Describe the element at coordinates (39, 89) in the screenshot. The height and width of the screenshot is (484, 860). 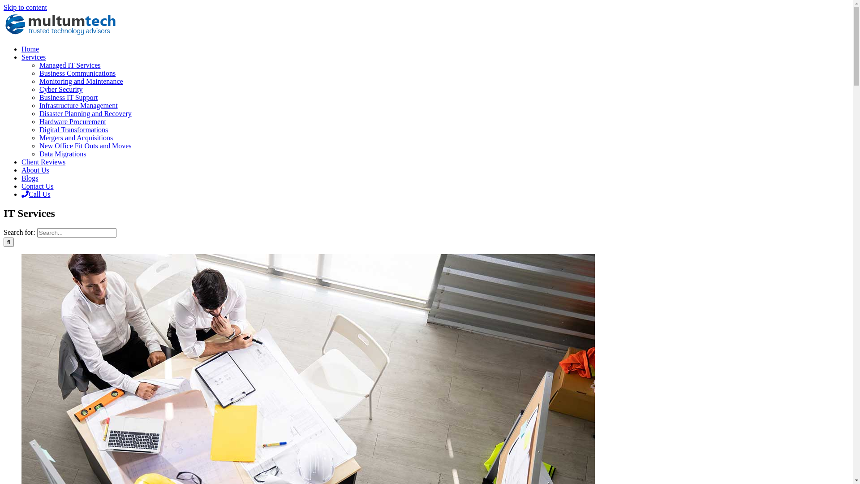
I see `'Cyber Security'` at that location.